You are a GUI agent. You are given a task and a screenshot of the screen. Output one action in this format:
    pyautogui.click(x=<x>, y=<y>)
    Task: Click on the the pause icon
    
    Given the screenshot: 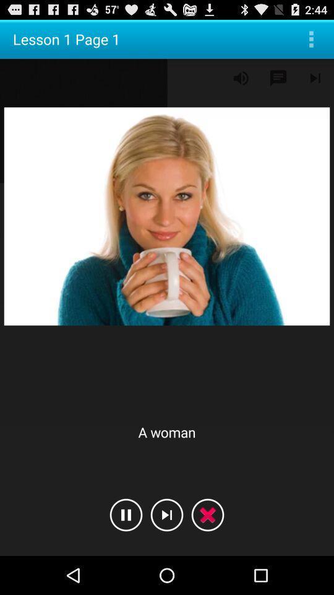 What is the action you would take?
    pyautogui.click(x=126, y=550)
    